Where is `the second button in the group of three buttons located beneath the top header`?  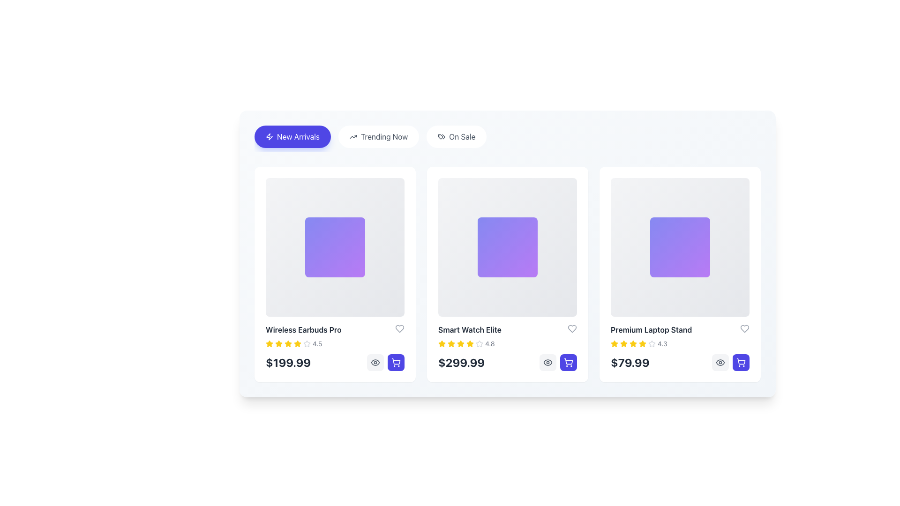 the second button in the group of three buttons located beneath the top header is located at coordinates (378, 137).